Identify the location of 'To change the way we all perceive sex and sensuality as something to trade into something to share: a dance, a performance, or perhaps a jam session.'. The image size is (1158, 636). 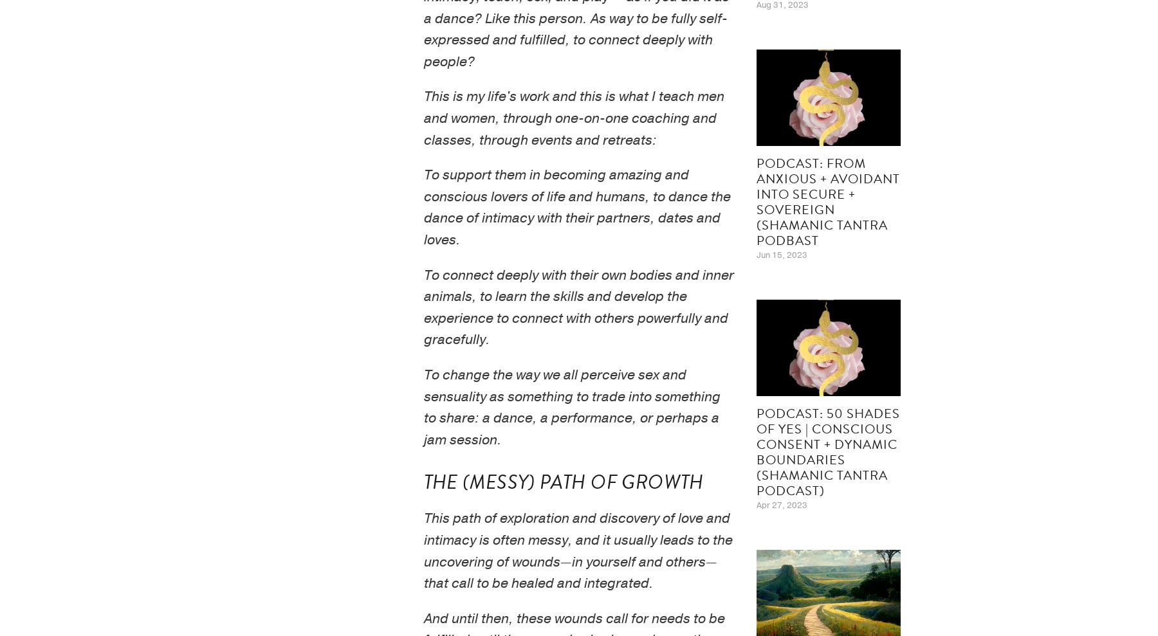
(573, 406).